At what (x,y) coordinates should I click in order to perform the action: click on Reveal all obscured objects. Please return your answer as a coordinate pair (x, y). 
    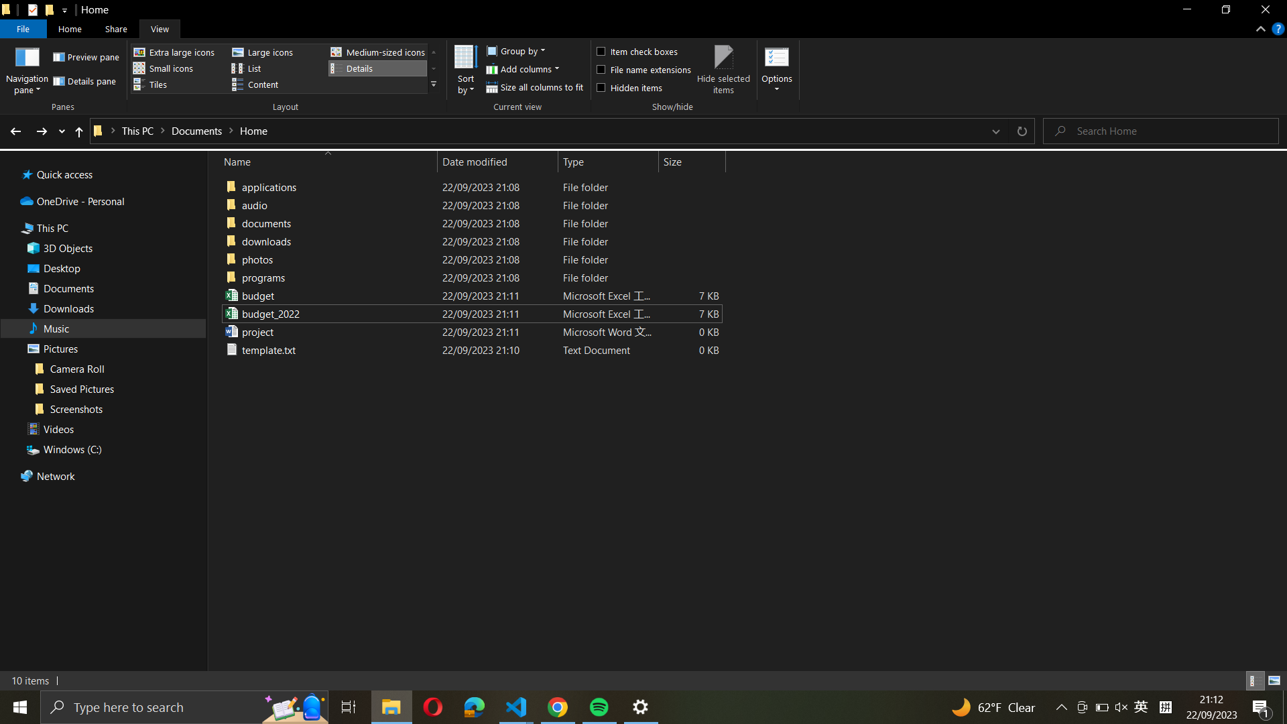
    Looking at the image, I should click on (642, 86).